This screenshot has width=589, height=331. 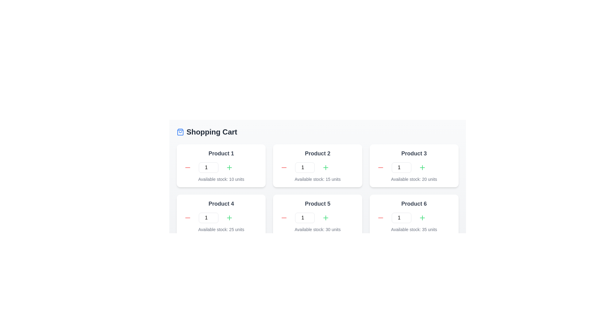 What do you see at coordinates (284, 217) in the screenshot?
I see `the decrement button located on the left side of the quantity input box for 'Product 5' to decrease the count` at bounding box center [284, 217].